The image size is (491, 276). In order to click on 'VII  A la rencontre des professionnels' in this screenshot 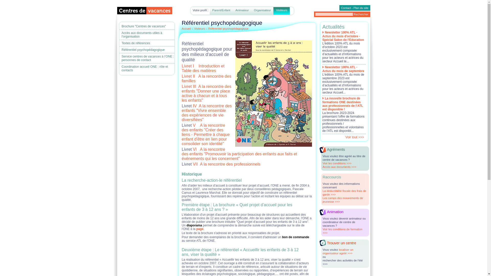, I will do `click(226, 164)`.